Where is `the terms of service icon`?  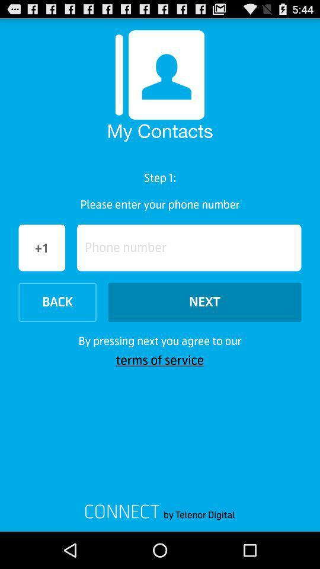 the terms of service icon is located at coordinates (160, 360).